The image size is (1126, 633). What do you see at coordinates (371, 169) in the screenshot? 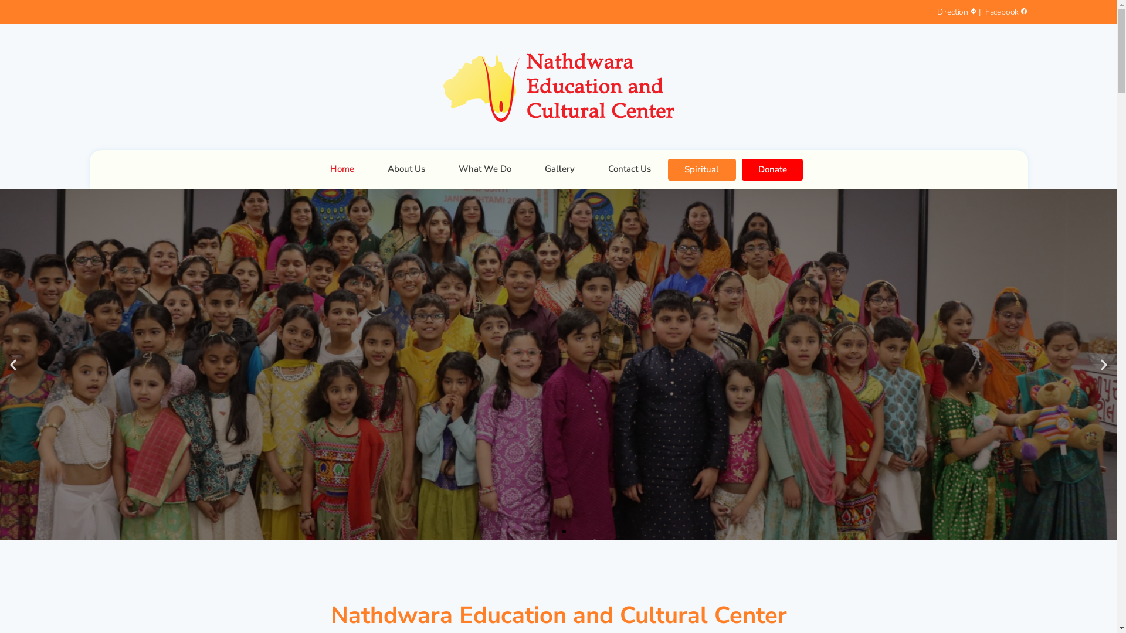
I see `'About Us'` at bounding box center [371, 169].